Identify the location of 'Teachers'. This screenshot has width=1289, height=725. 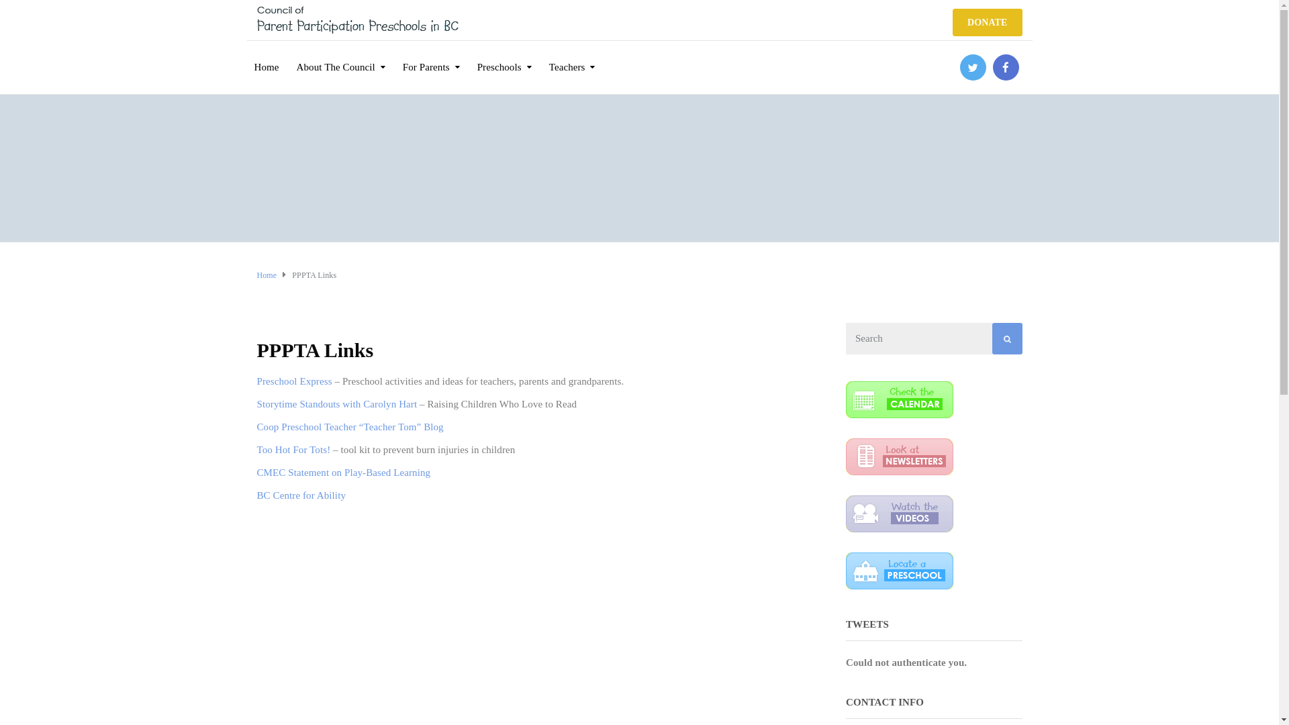
(572, 57).